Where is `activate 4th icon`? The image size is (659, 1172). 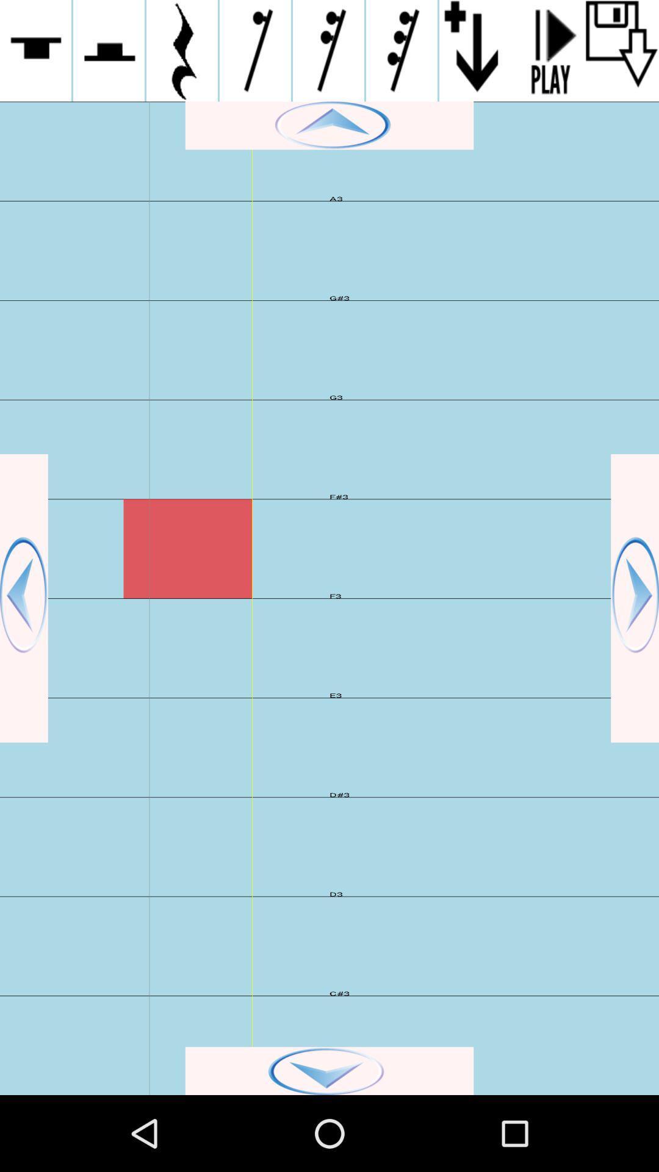
activate 4th icon is located at coordinates (254, 50).